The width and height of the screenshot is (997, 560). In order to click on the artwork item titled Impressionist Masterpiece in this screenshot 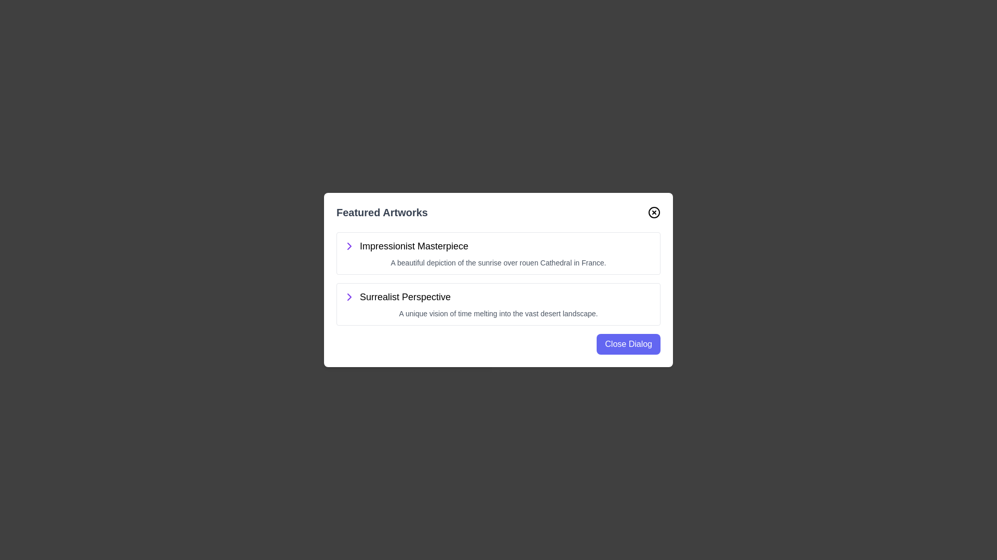, I will do `click(498, 254)`.